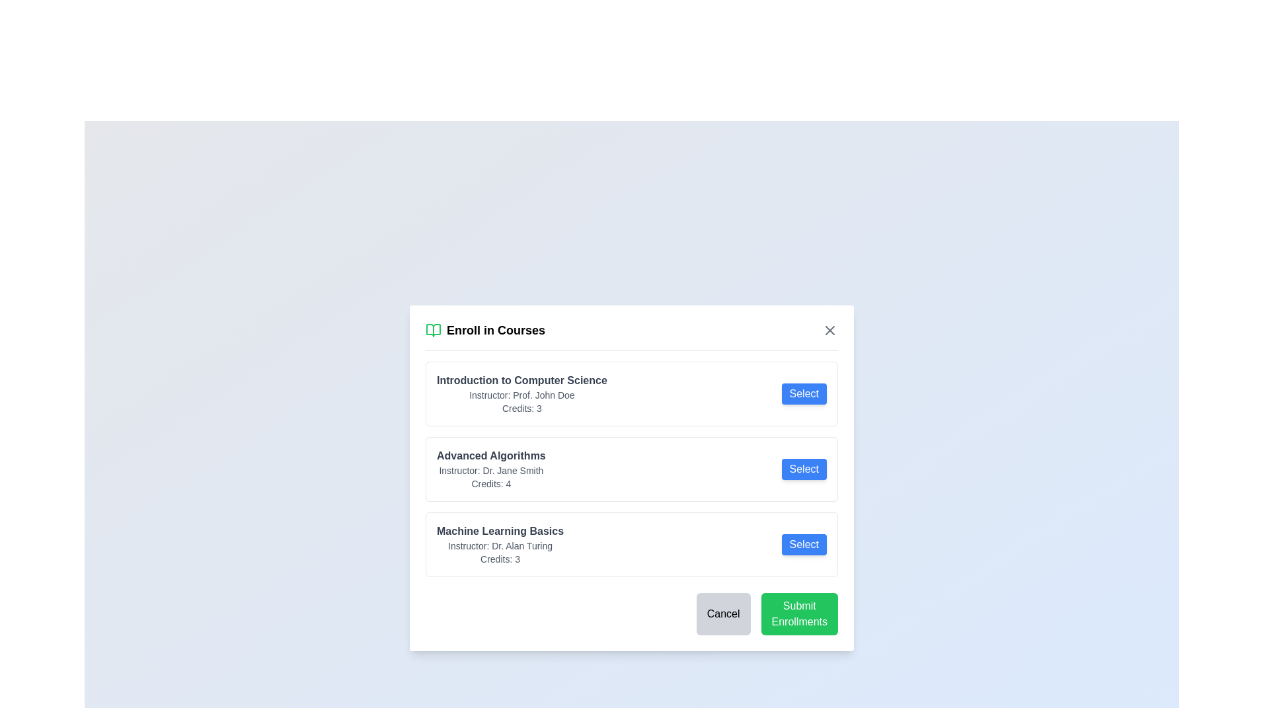 The width and height of the screenshot is (1269, 714). What do you see at coordinates (484, 329) in the screenshot?
I see `the heading labeled 'Enroll in Courses' with an open book icon, which is positioned at the top of the modal interface` at bounding box center [484, 329].